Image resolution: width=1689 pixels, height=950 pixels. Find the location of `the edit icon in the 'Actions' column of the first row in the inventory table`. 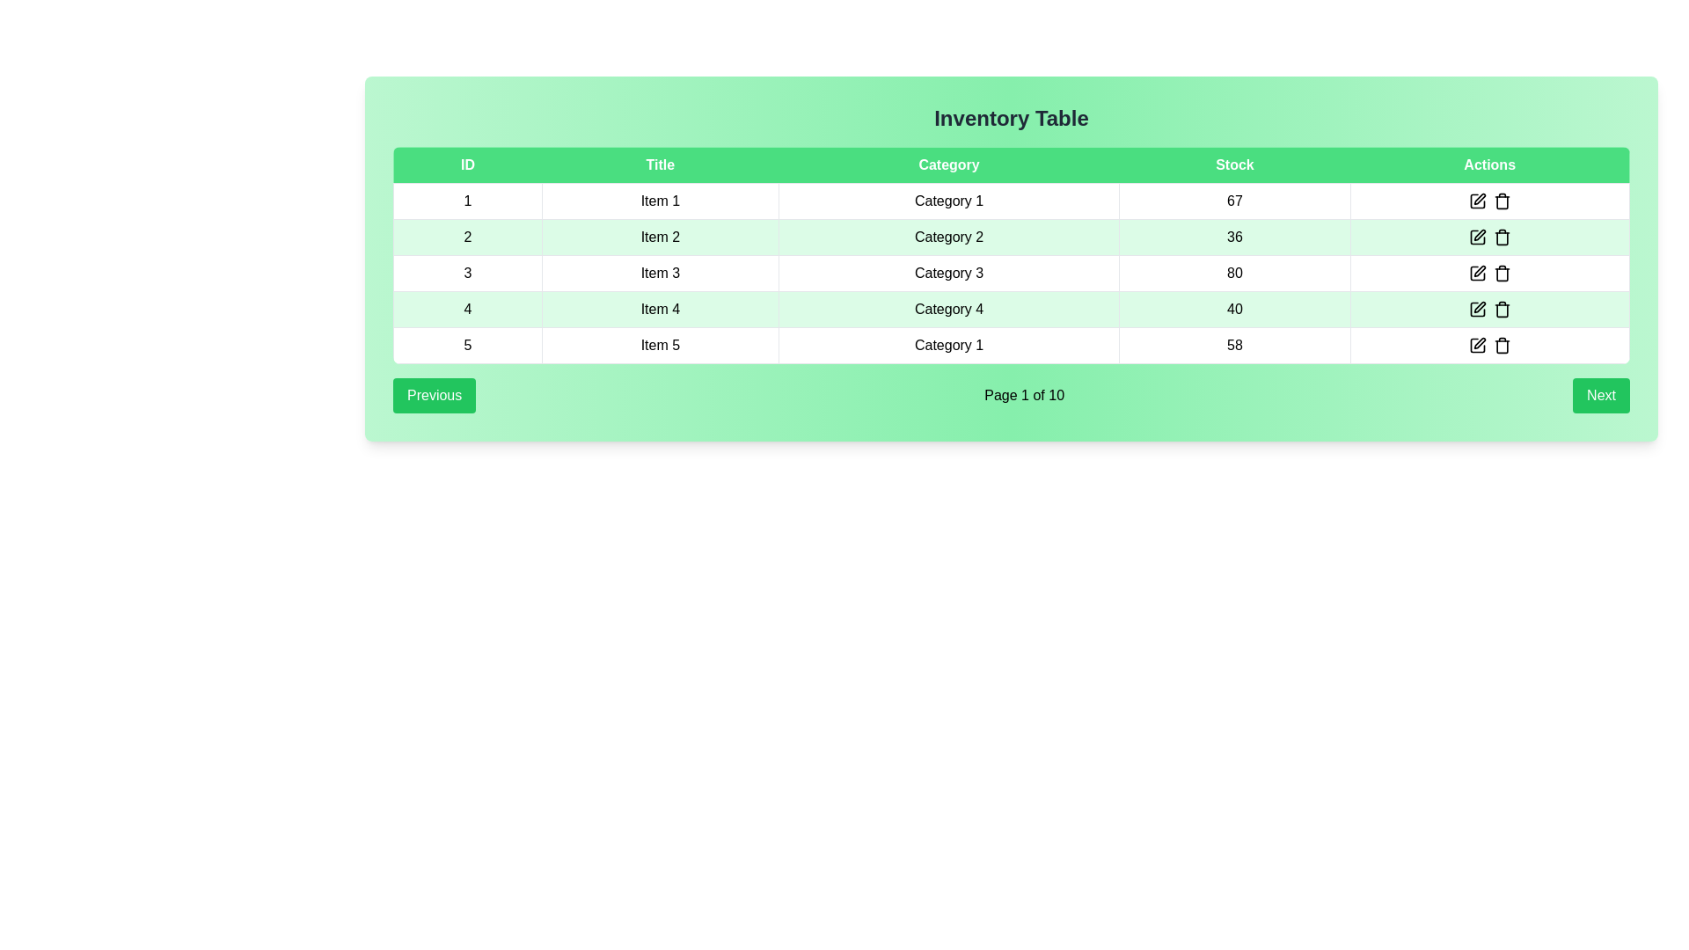

the edit icon in the 'Actions' column of the first row in the inventory table is located at coordinates (1479, 198).